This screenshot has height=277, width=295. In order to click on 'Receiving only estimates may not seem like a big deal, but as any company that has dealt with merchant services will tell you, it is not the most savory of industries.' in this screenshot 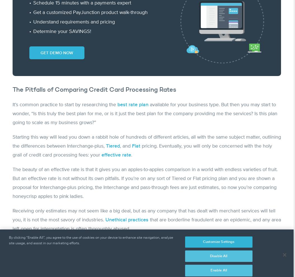, I will do `click(144, 215)`.